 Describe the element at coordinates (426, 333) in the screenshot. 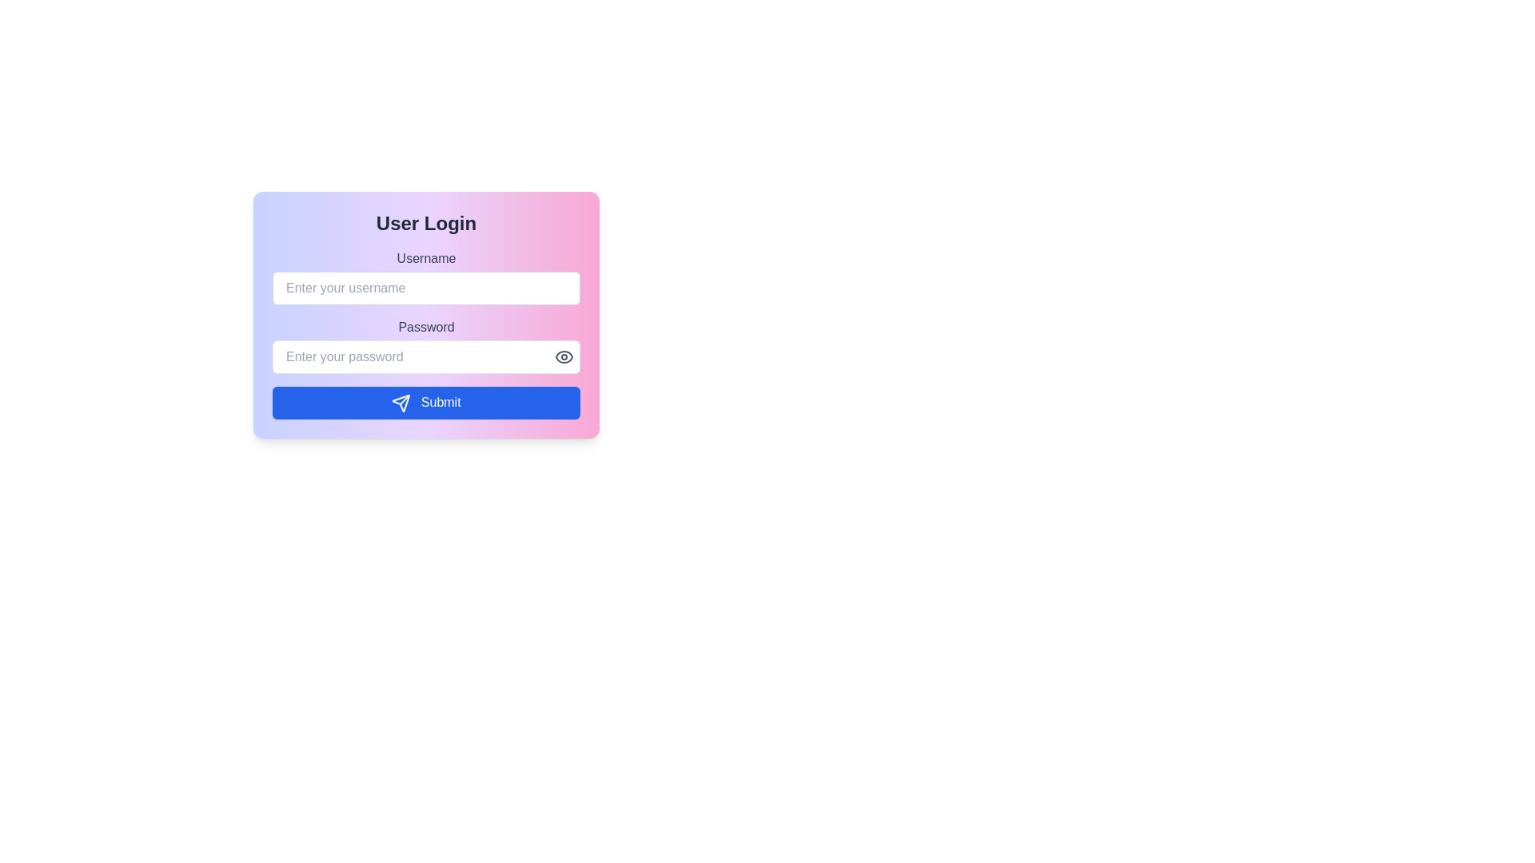

I see `Text Label indicating the purpose of the adjacent password input field, which is located in the second section of the form, below the 'Username' input` at that location.